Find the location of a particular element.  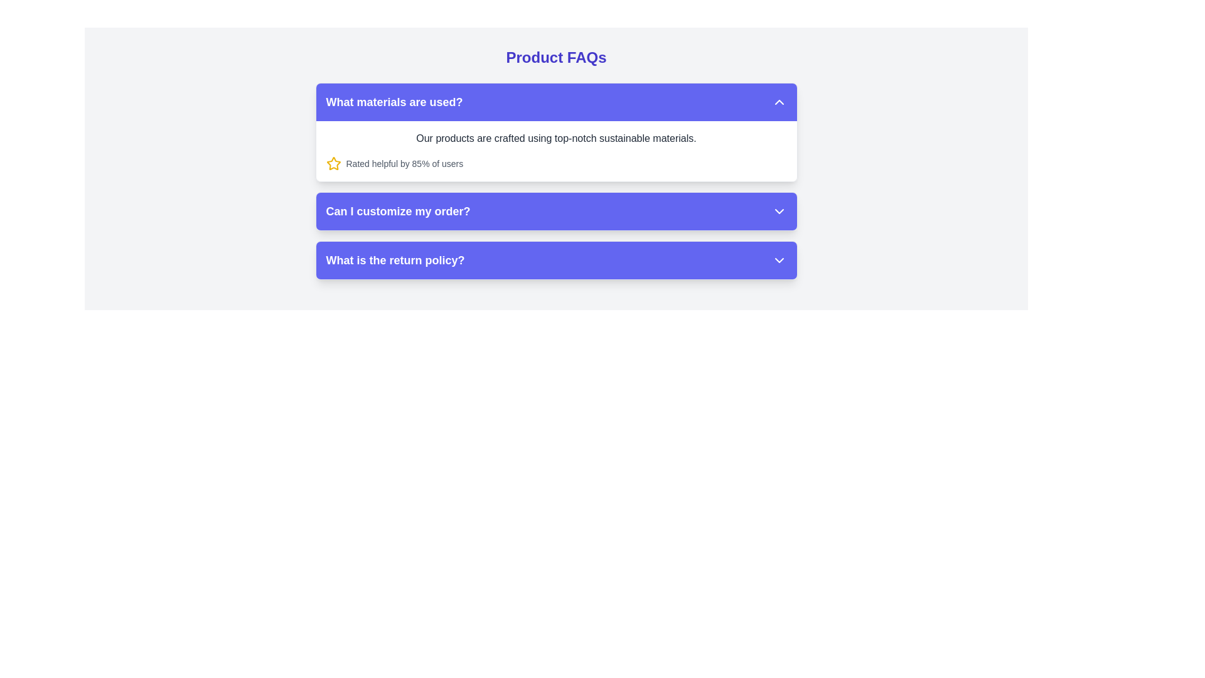

the text element displaying 'Our products are crafted using top-notch sustainable materials.' located at the top of the FAQ component under the question 'What materials are used?' is located at coordinates (555, 138).